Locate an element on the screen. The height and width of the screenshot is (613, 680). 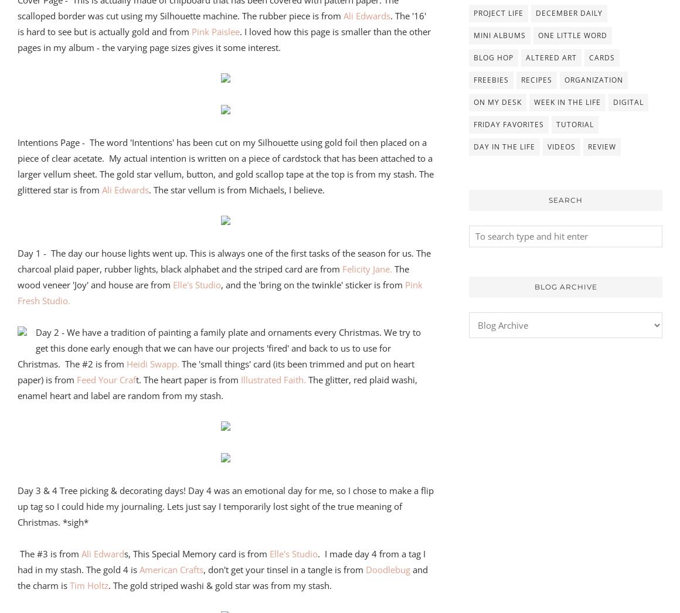
'Search' is located at coordinates (549, 199).